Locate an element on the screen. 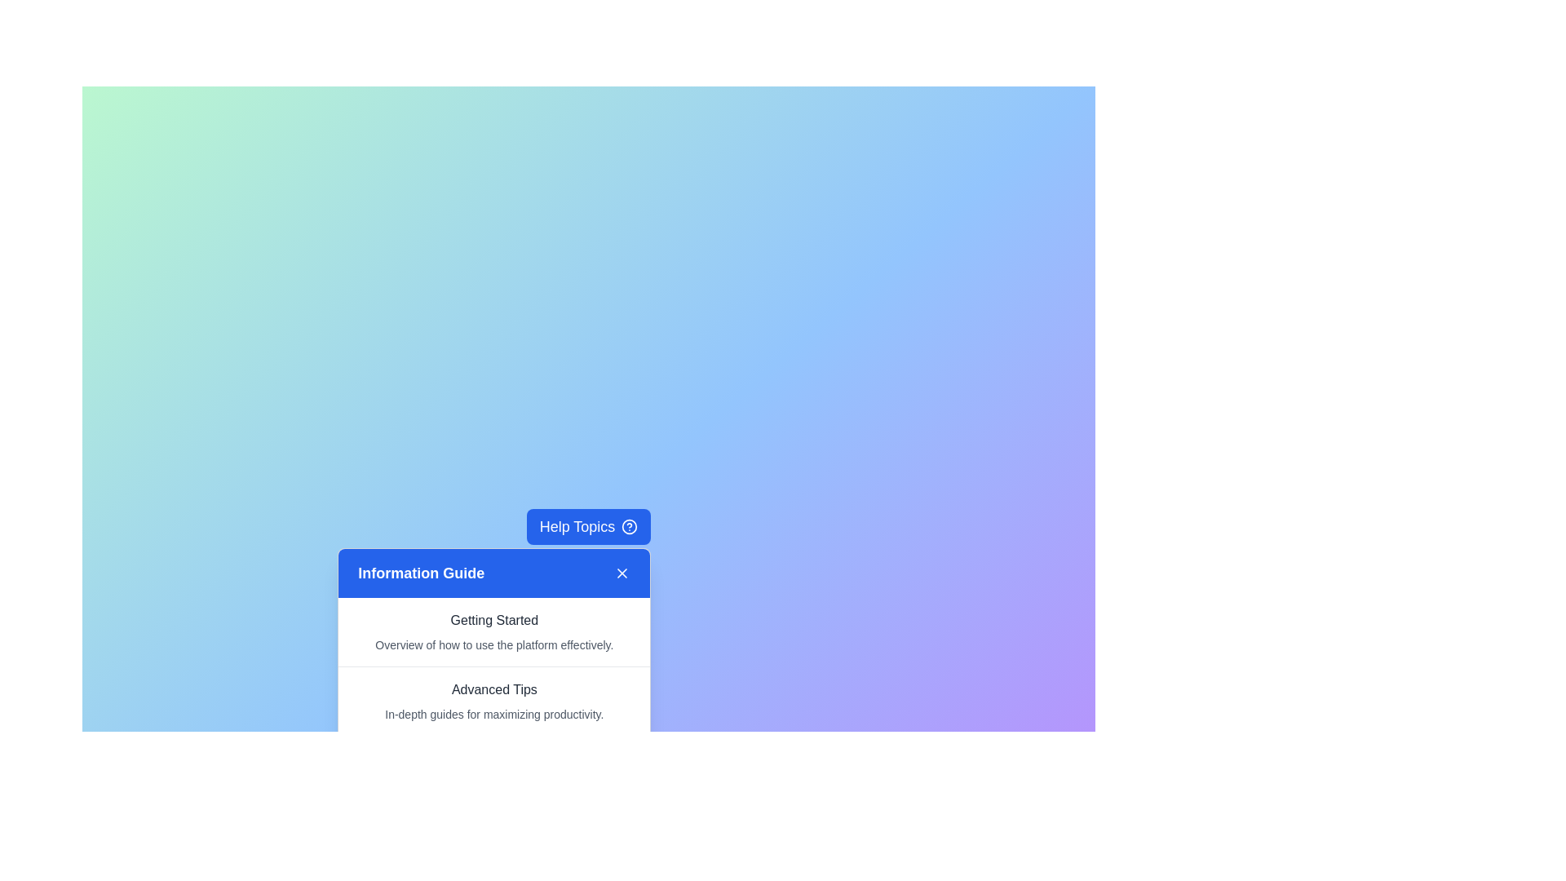  the blue rectangular 'Help Topics' button with rounded corners is located at coordinates (587, 526).